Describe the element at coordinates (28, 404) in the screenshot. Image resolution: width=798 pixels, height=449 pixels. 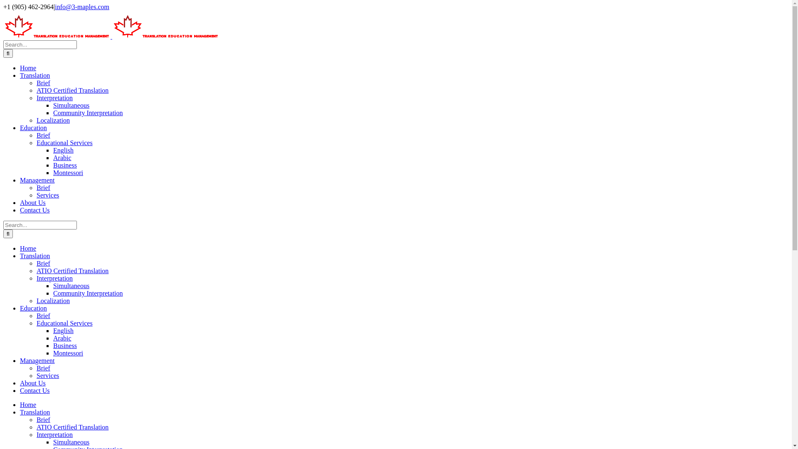
I see `'Home'` at that location.